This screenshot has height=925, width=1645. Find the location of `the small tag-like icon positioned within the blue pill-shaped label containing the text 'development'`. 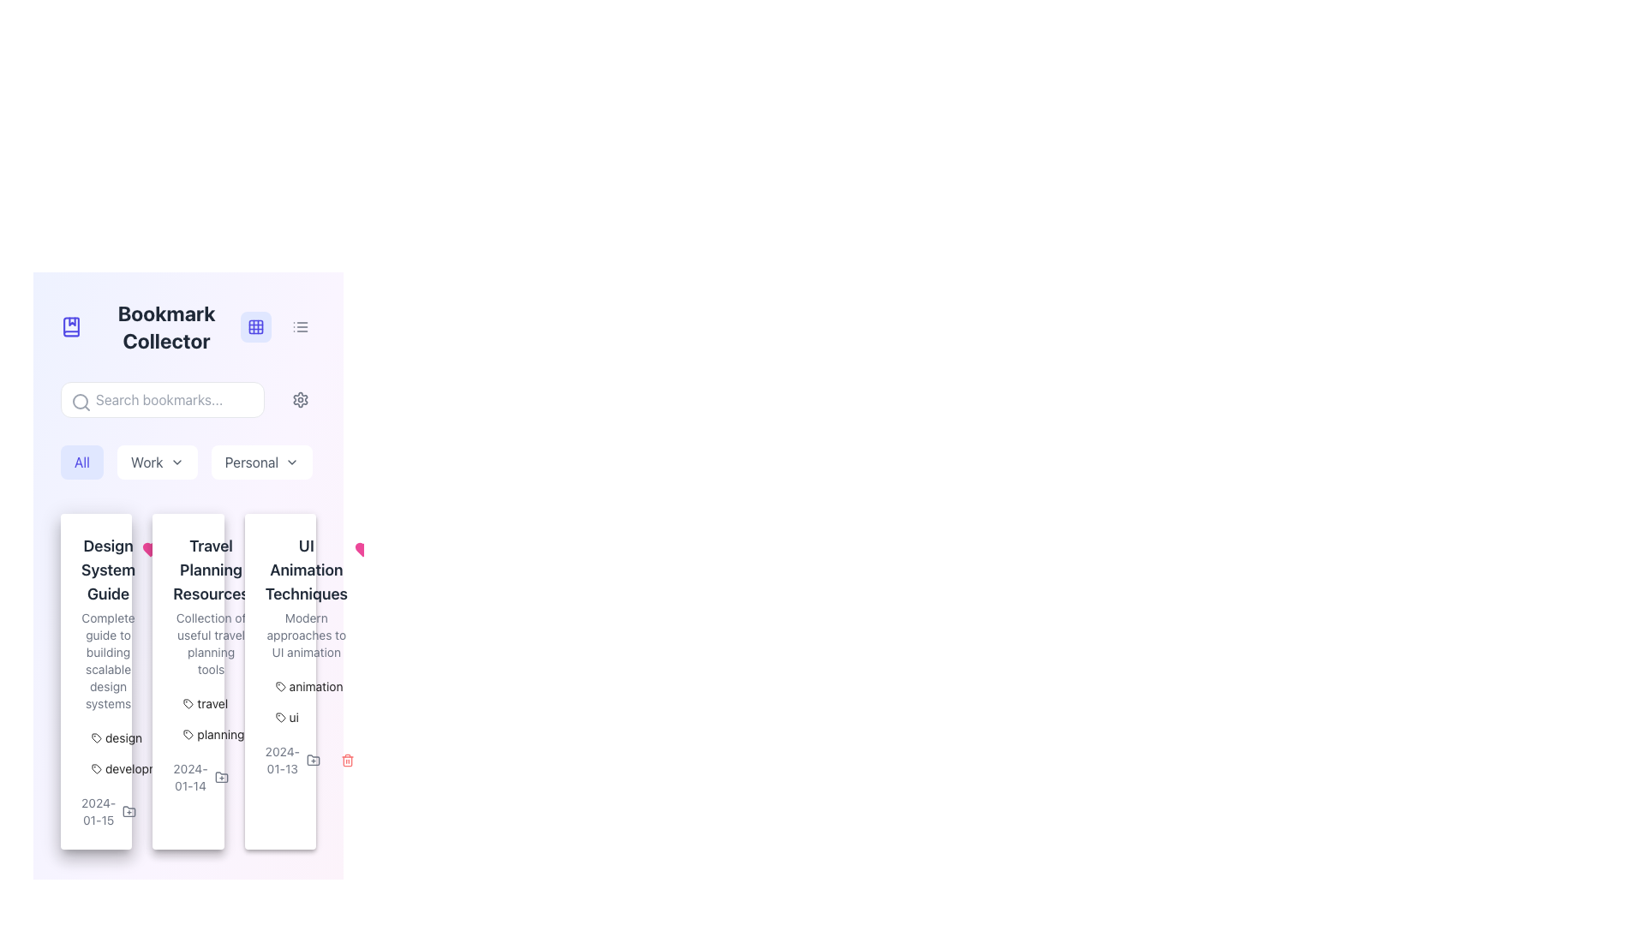

the small tag-like icon positioned within the blue pill-shaped label containing the text 'development' is located at coordinates (96, 768).